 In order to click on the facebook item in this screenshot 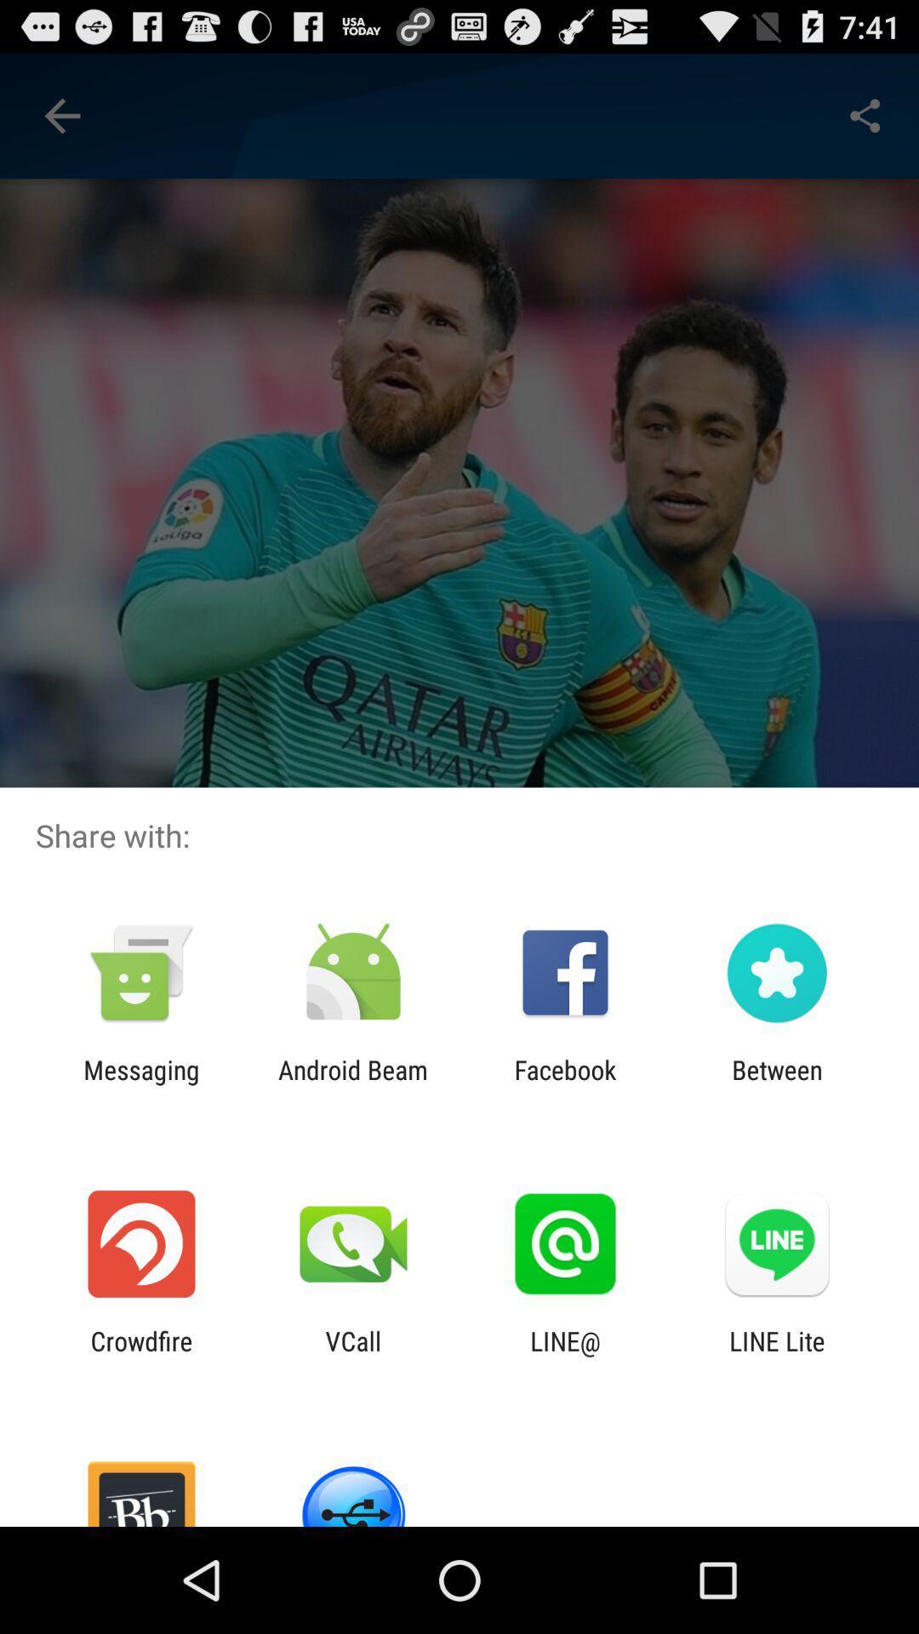, I will do `click(565, 1084)`.